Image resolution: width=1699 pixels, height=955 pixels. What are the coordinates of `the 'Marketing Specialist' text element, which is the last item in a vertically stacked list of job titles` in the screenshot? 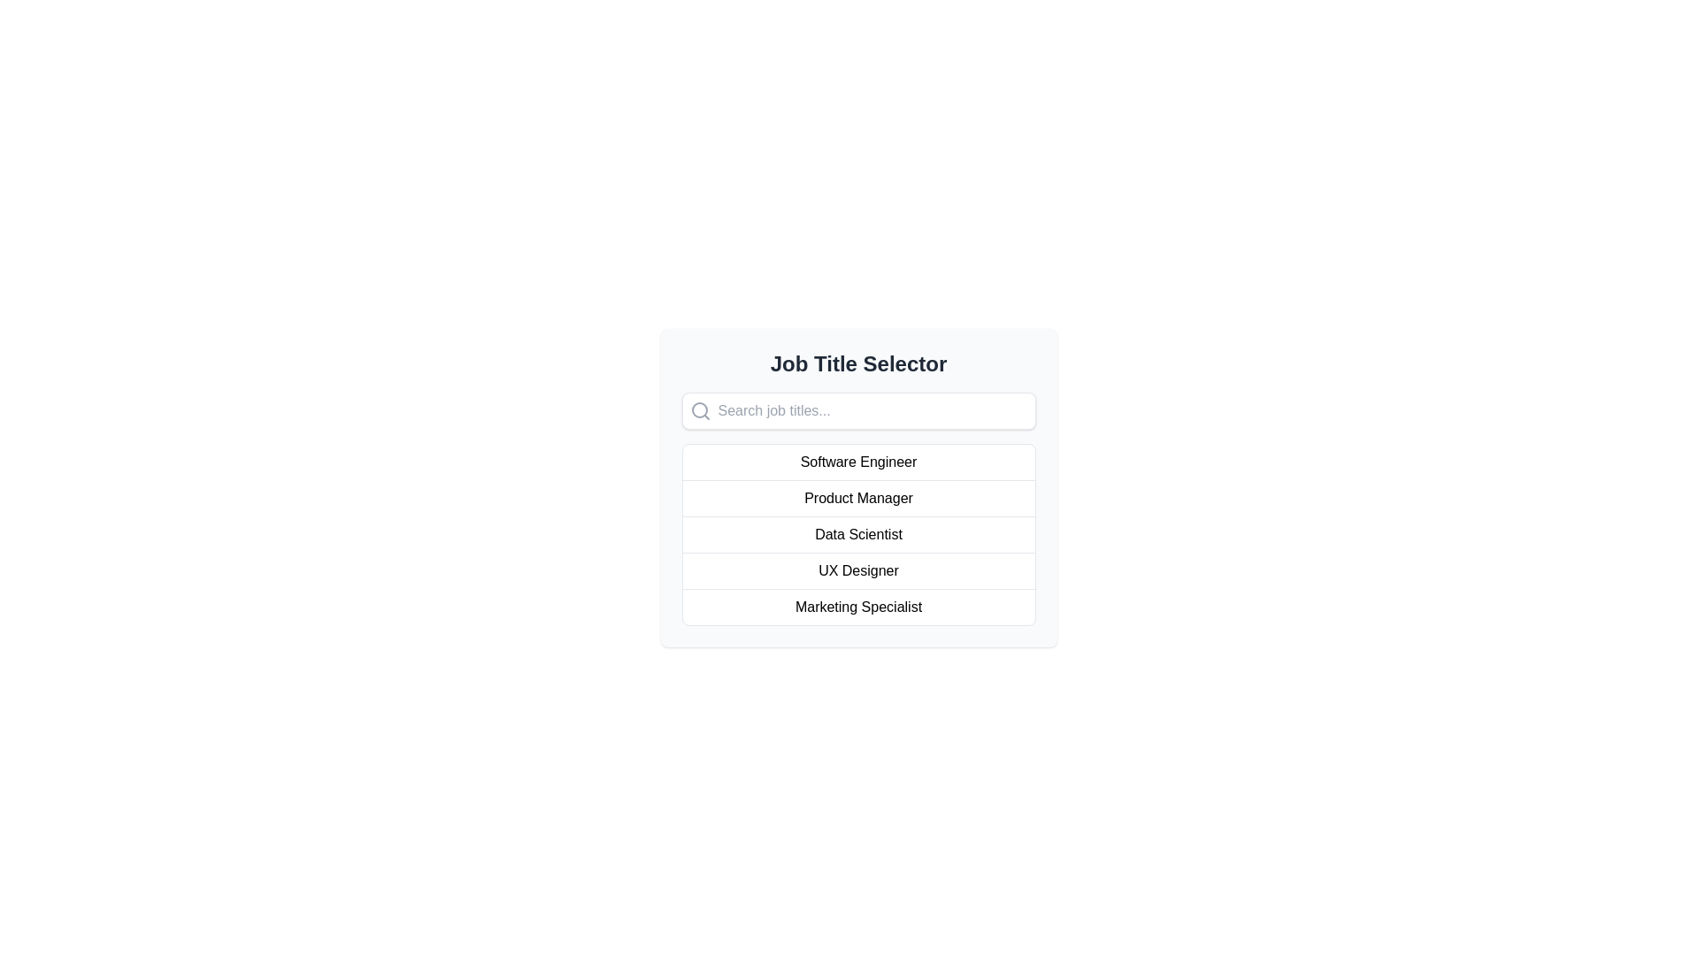 It's located at (858, 606).